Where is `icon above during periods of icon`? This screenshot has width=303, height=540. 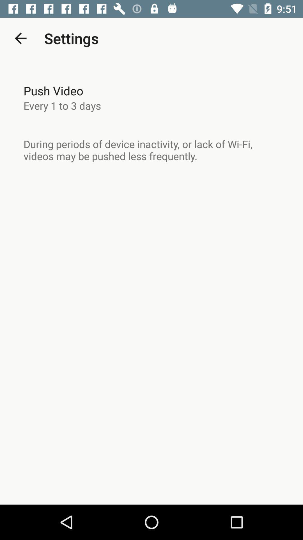 icon above during periods of icon is located at coordinates (62, 105).